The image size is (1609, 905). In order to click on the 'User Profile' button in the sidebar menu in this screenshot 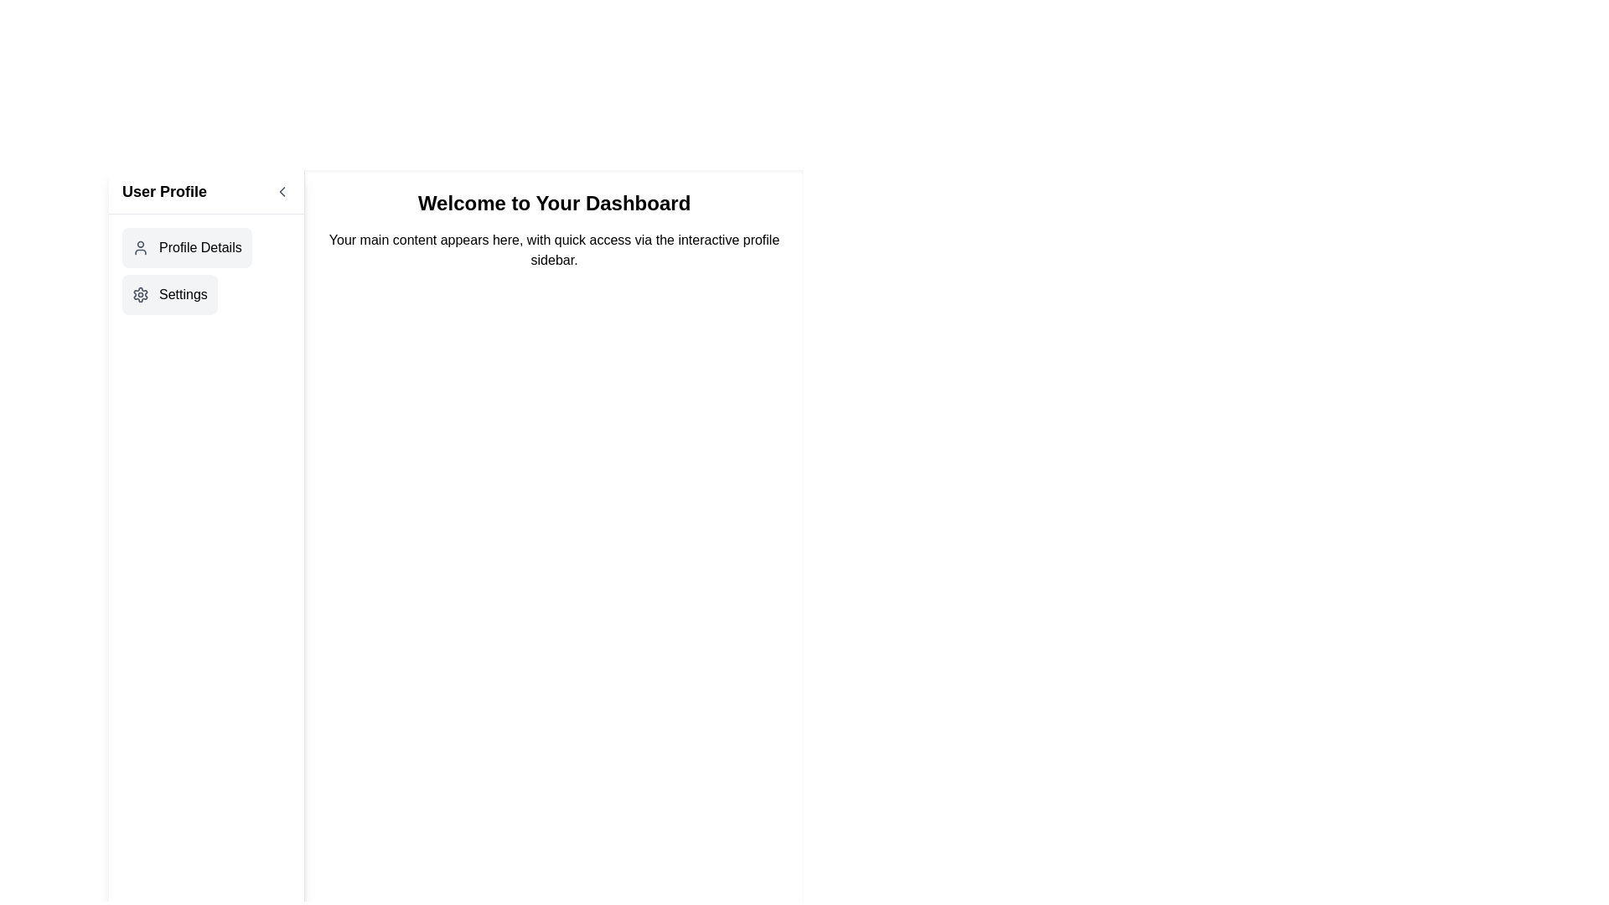, I will do `click(187, 248)`.